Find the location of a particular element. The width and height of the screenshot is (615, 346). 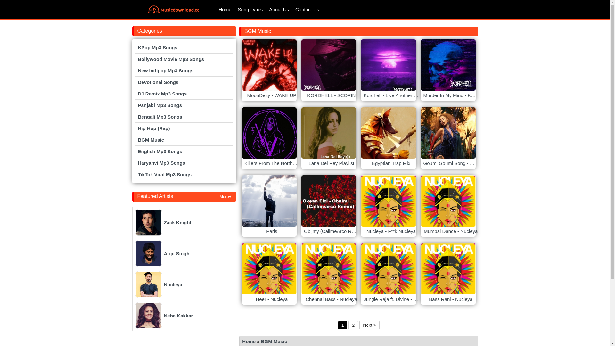

'Bengali Mp3 Songs' is located at coordinates (184, 117).